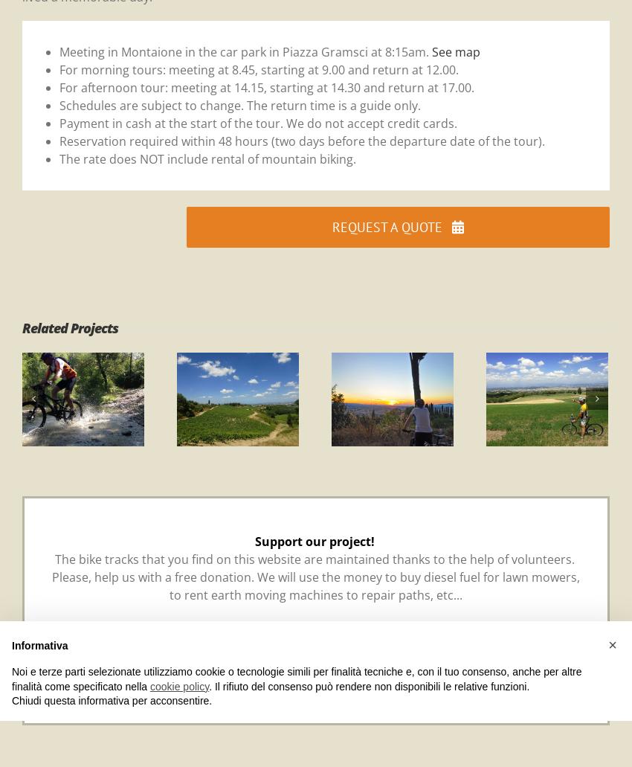  What do you see at coordinates (179, 686) in the screenshot?
I see `'cookie policy'` at bounding box center [179, 686].